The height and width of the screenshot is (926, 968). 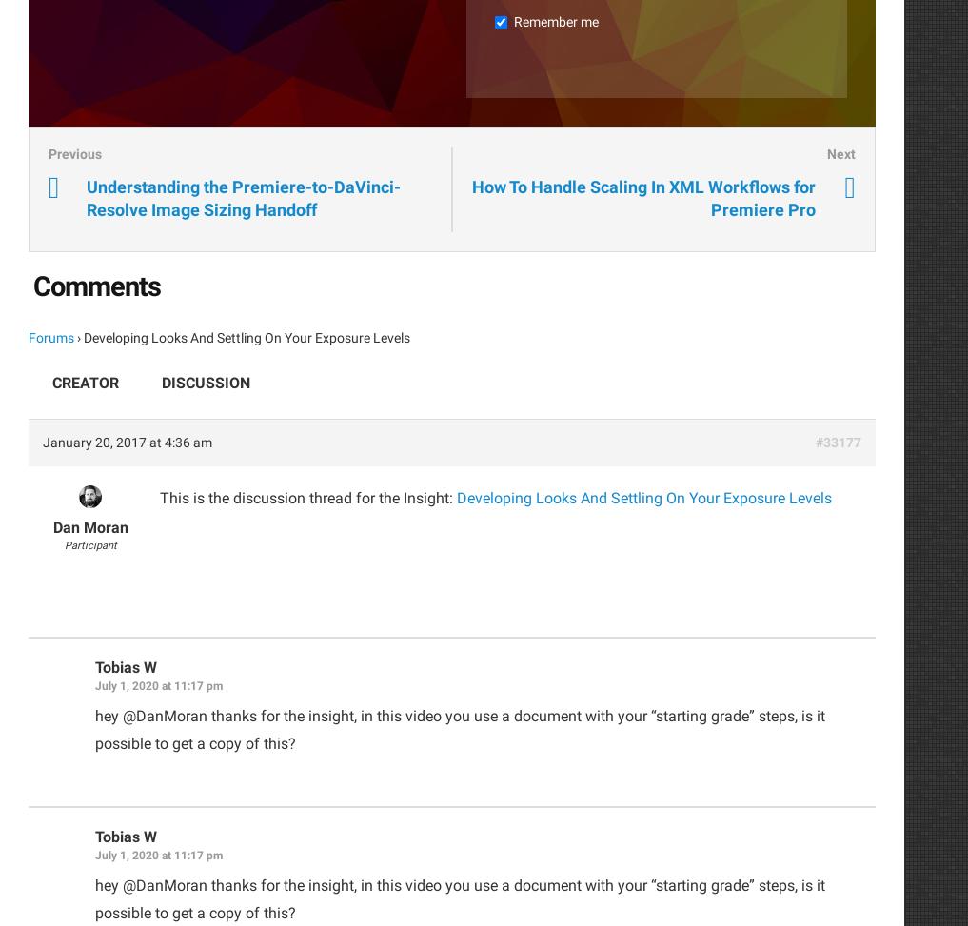 What do you see at coordinates (90, 525) in the screenshot?
I see `'Dan Moran'` at bounding box center [90, 525].